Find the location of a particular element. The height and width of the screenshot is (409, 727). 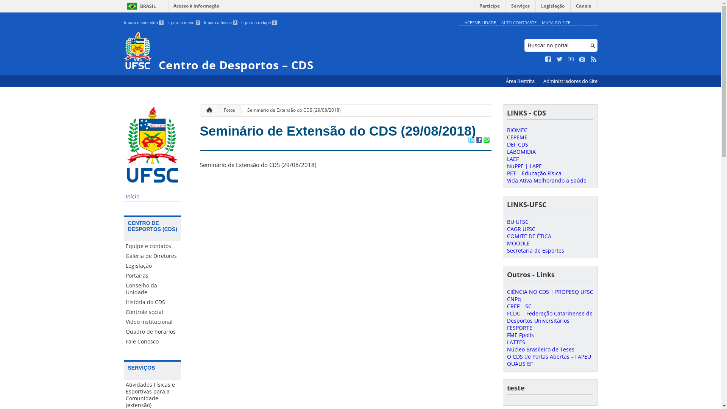

'LATTES' is located at coordinates (515, 342).